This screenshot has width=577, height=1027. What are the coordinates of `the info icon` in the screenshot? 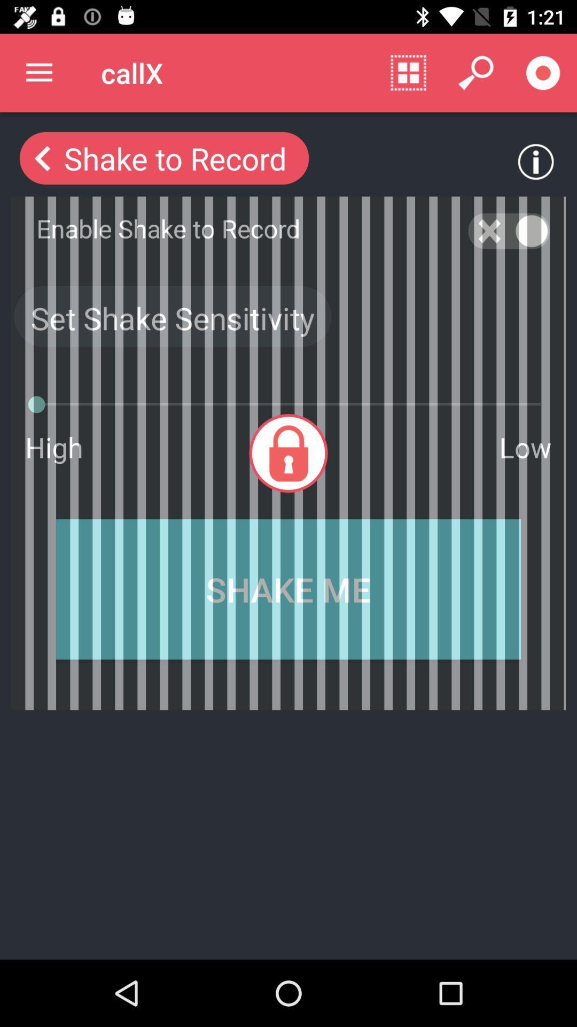 It's located at (542, 145).